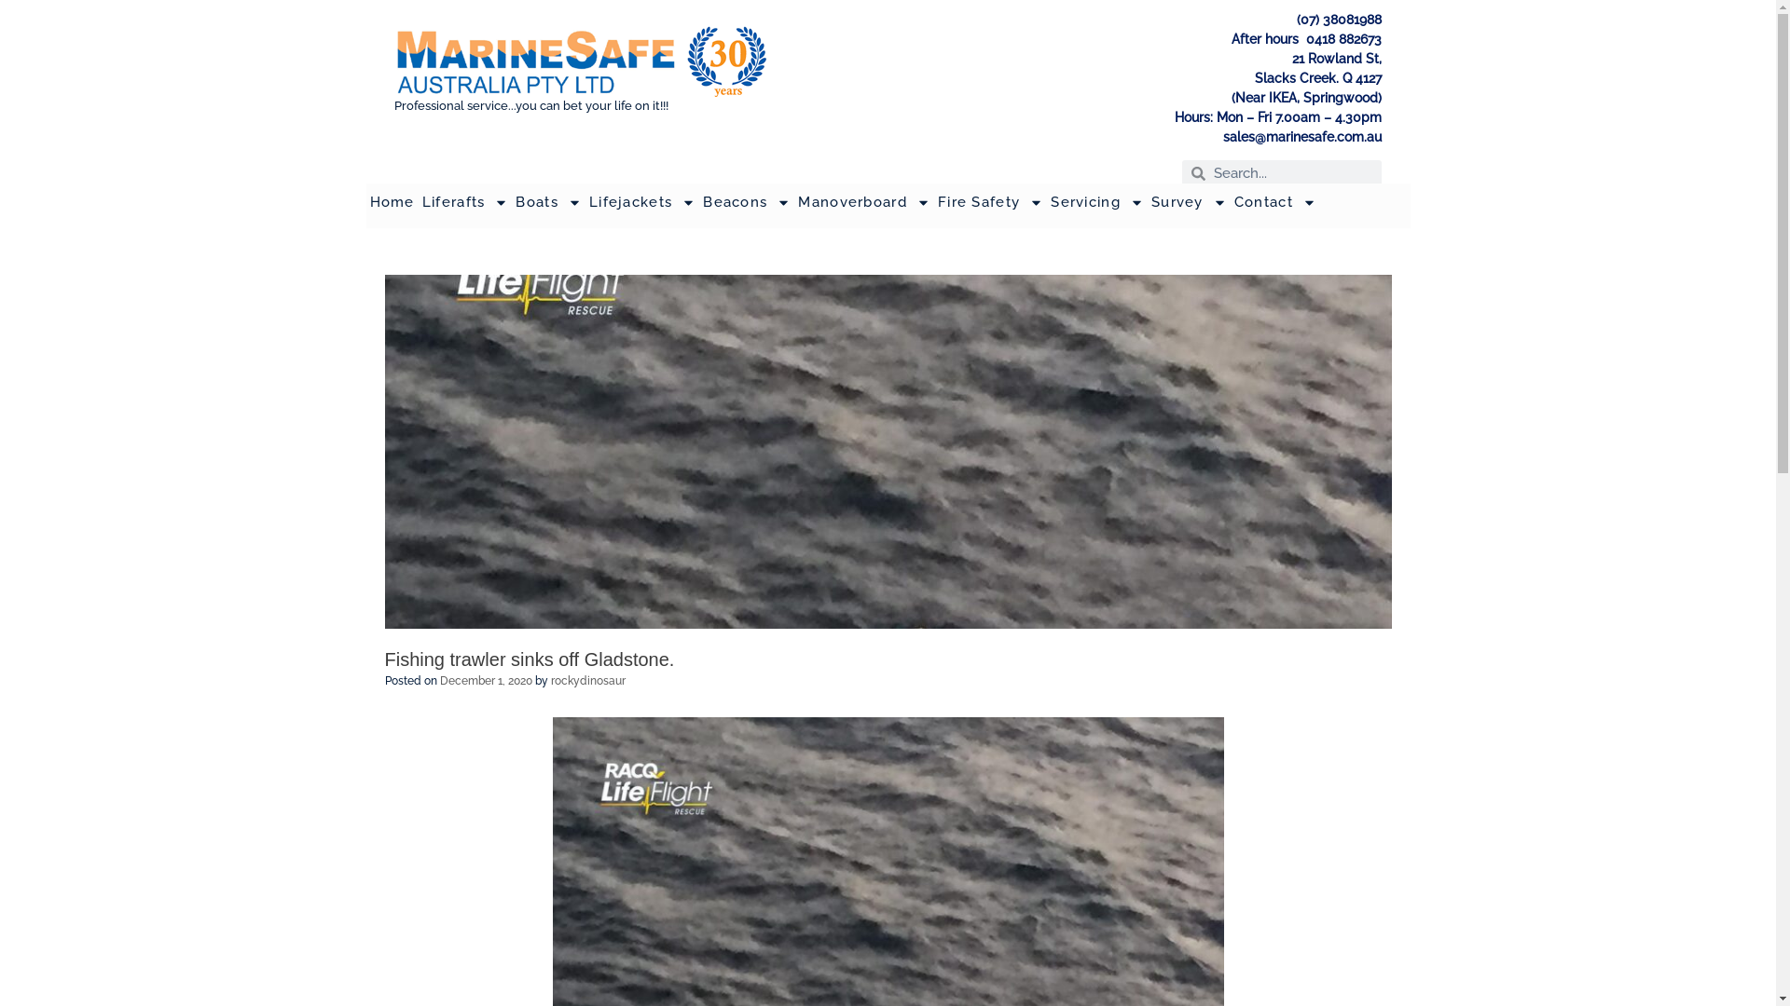  What do you see at coordinates (465, 202) in the screenshot?
I see `'Liferafts'` at bounding box center [465, 202].